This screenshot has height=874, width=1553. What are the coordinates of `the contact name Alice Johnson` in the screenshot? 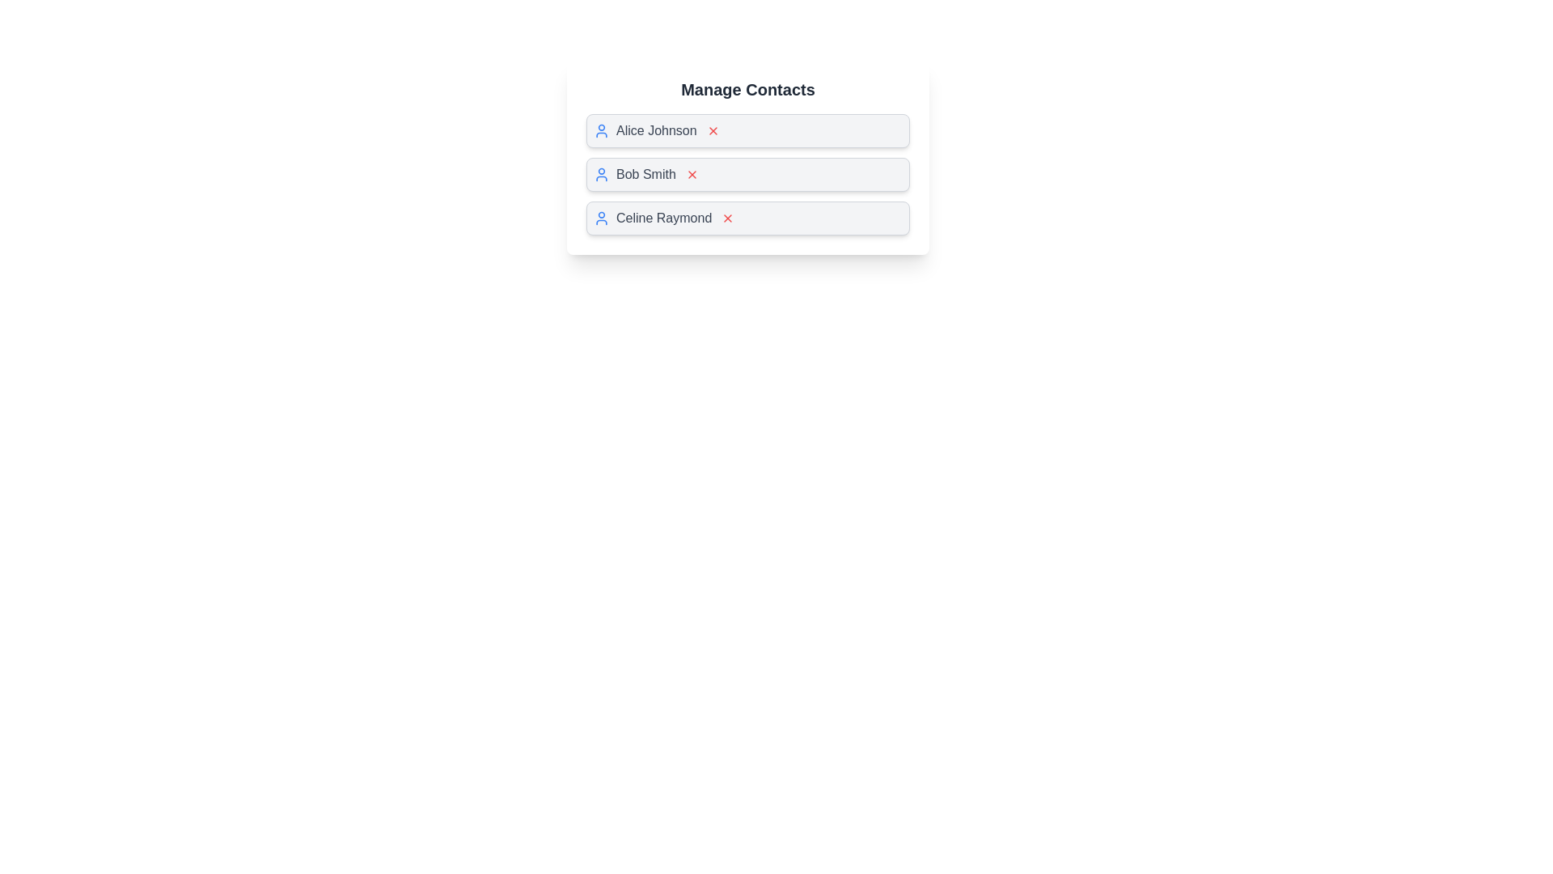 It's located at (747, 130).